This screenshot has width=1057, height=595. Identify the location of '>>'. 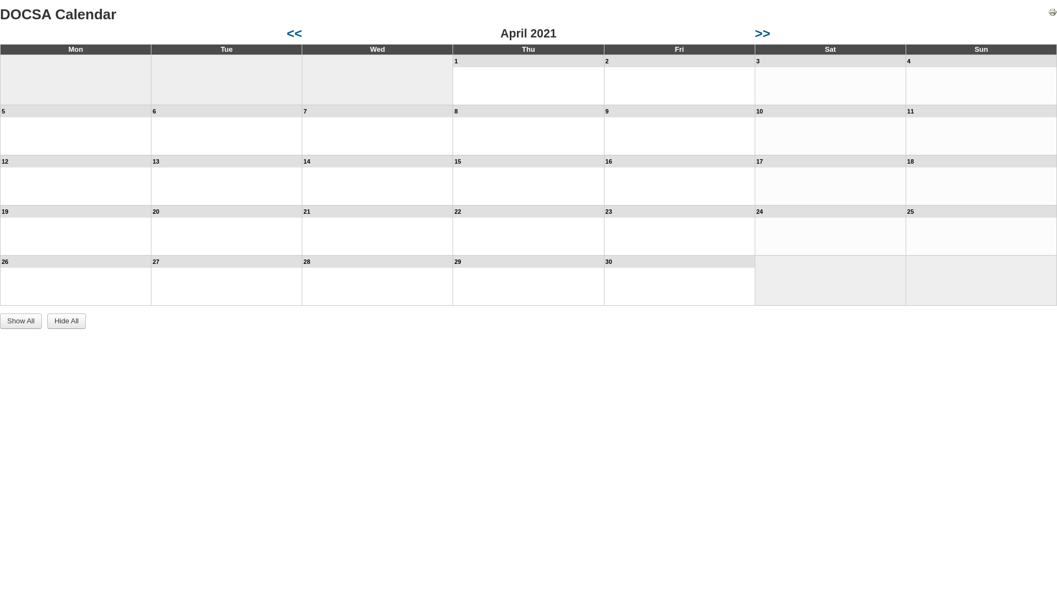
(762, 33).